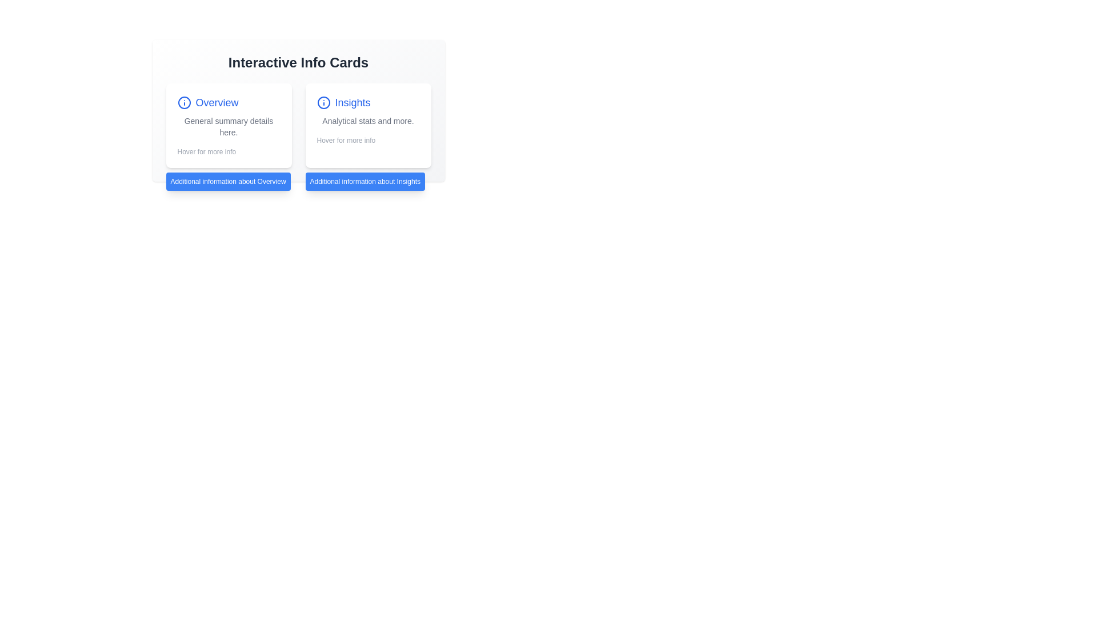  What do you see at coordinates (323, 103) in the screenshot?
I see `the central SVG Circle element representing the 'Insights' icon located in the top-left corner of the card` at bounding box center [323, 103].